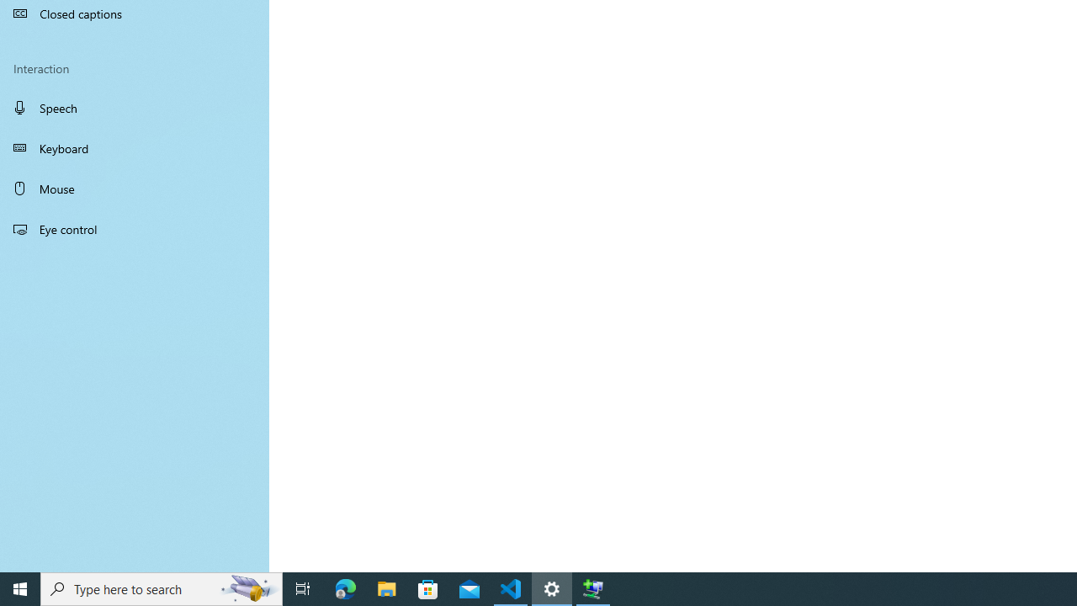 The width and height of the screenshot is (1077, 606). I want to click on 'Extensible Wizards Host Process - 1 running window', so click(593, 587).